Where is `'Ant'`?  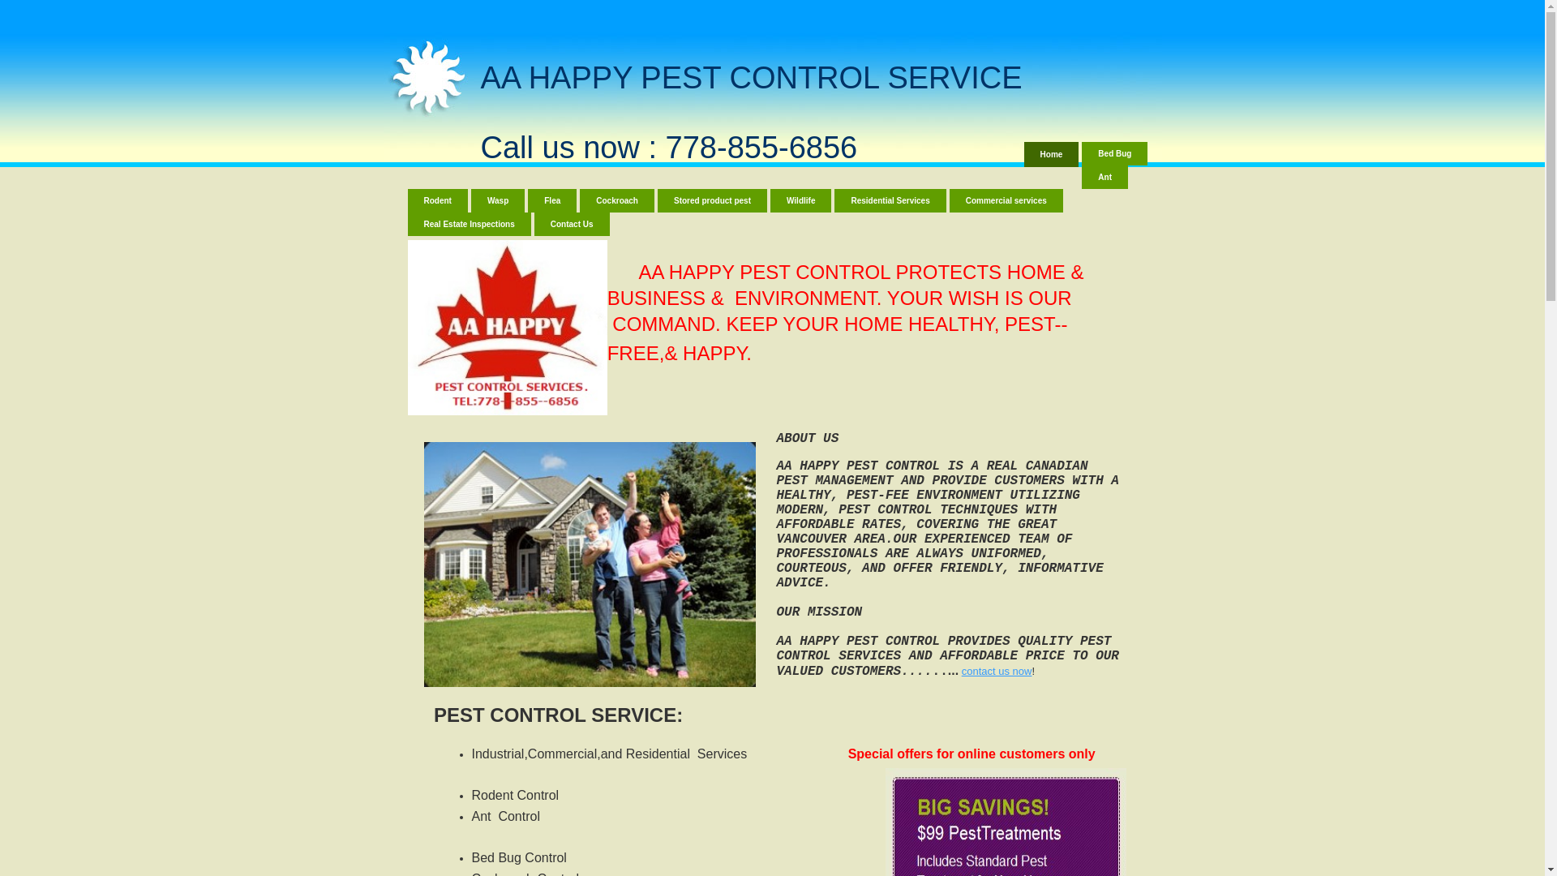 'Ant' is located at coordinates (1104, 177).